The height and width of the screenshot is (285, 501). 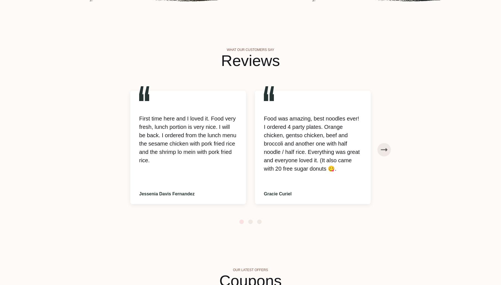 I want to click on 'Jessenia Davis Fernandez', so click(x=167, y=194).